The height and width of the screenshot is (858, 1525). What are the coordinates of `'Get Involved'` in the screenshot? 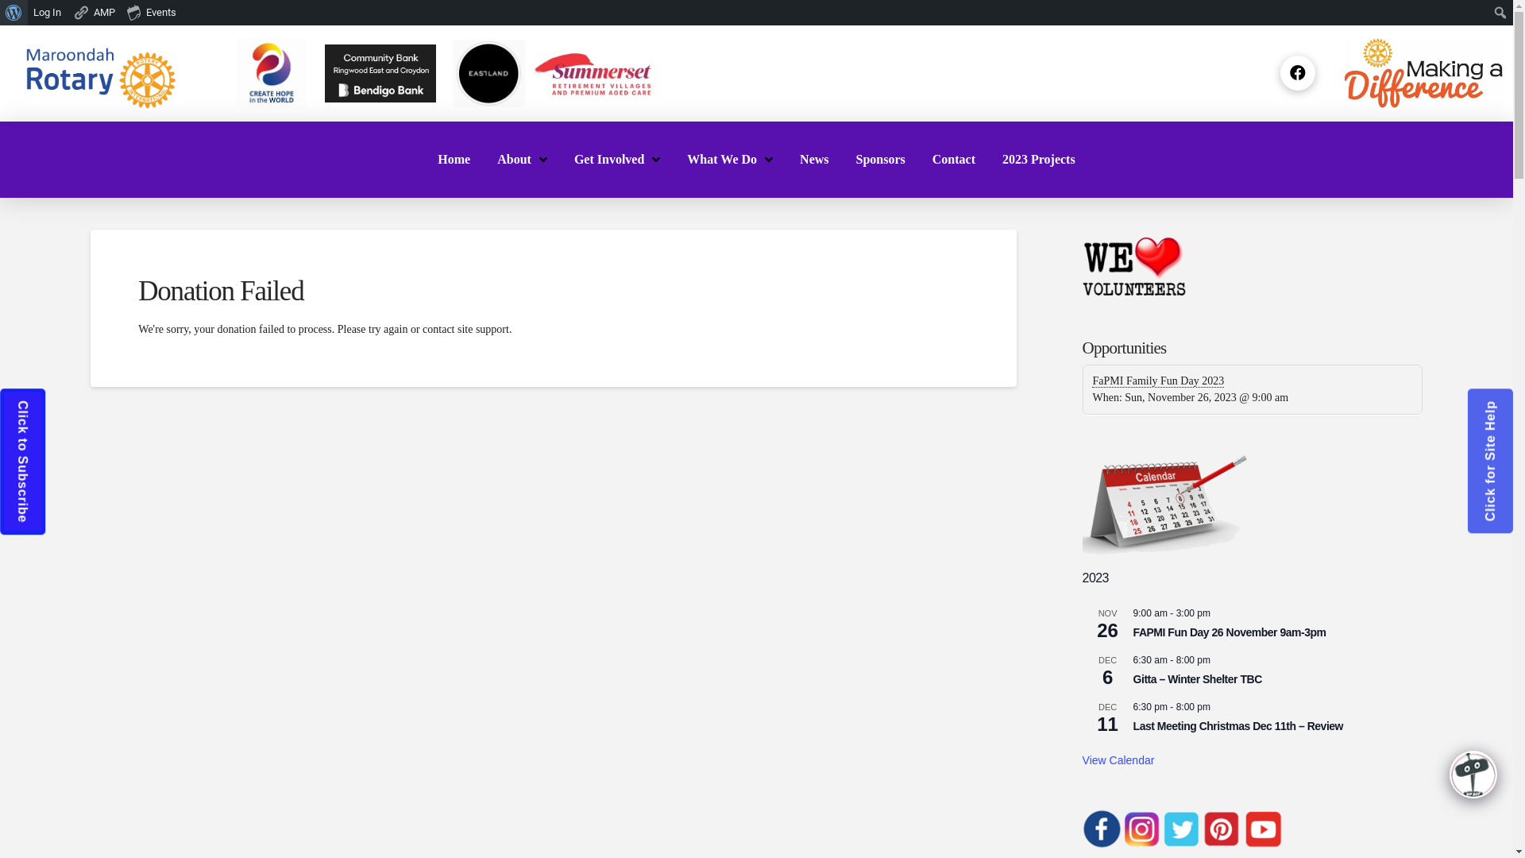 It's located at (560, 159).